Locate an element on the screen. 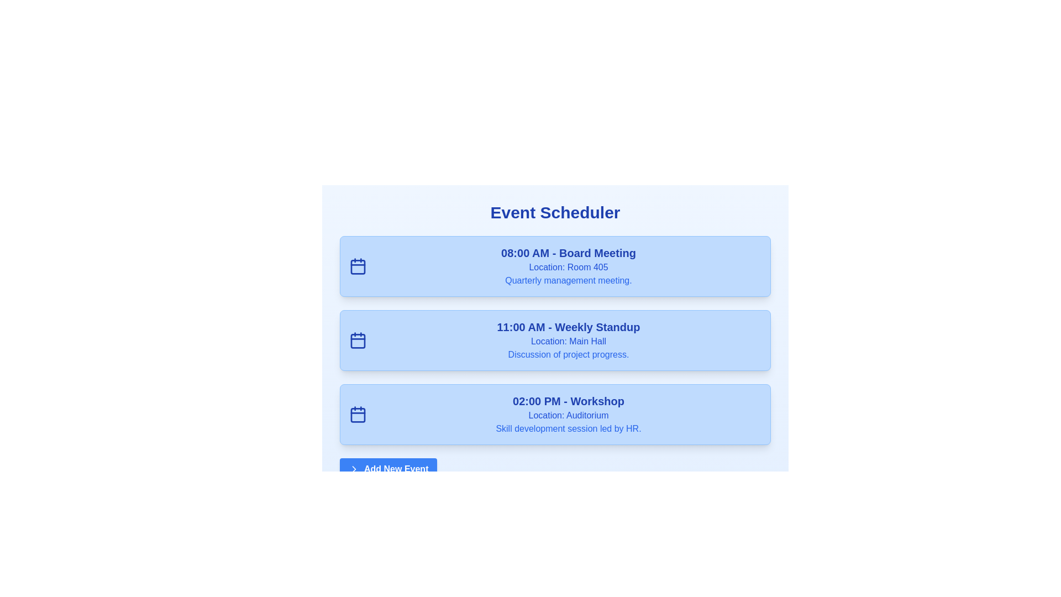 This screenshot has height=597, width=1061. the text label '08:00 AM - Board Meeting' which is styled in a large, bold dark blue font and is the first line in the event scheduler's topmost event section is located at coordinates (568, 253).